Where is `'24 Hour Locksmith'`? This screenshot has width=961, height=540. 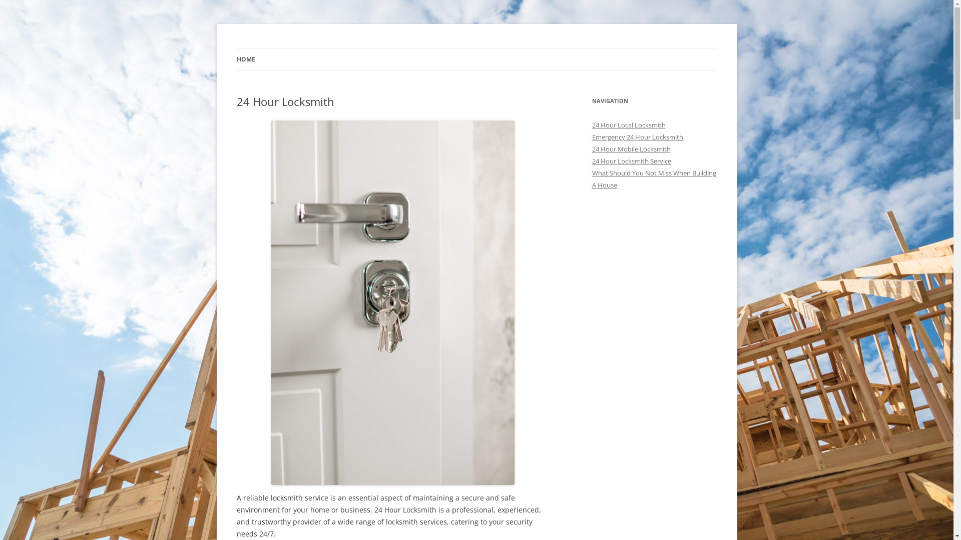 '24 Hour Locksmith' is located at coordinates (297, 48).